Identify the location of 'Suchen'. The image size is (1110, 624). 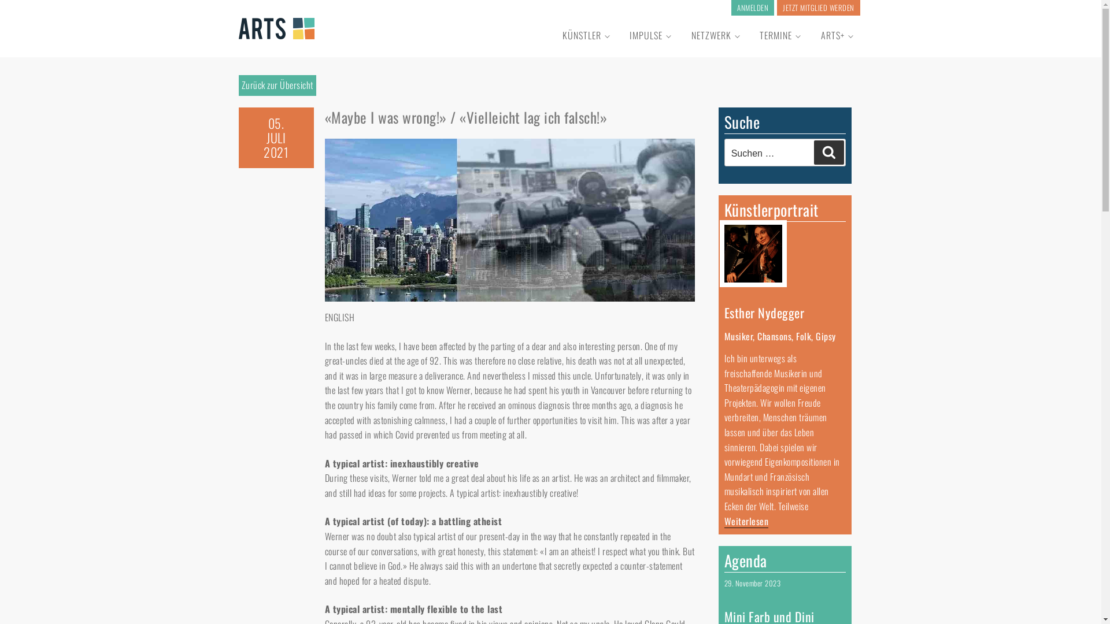
(828, 151).